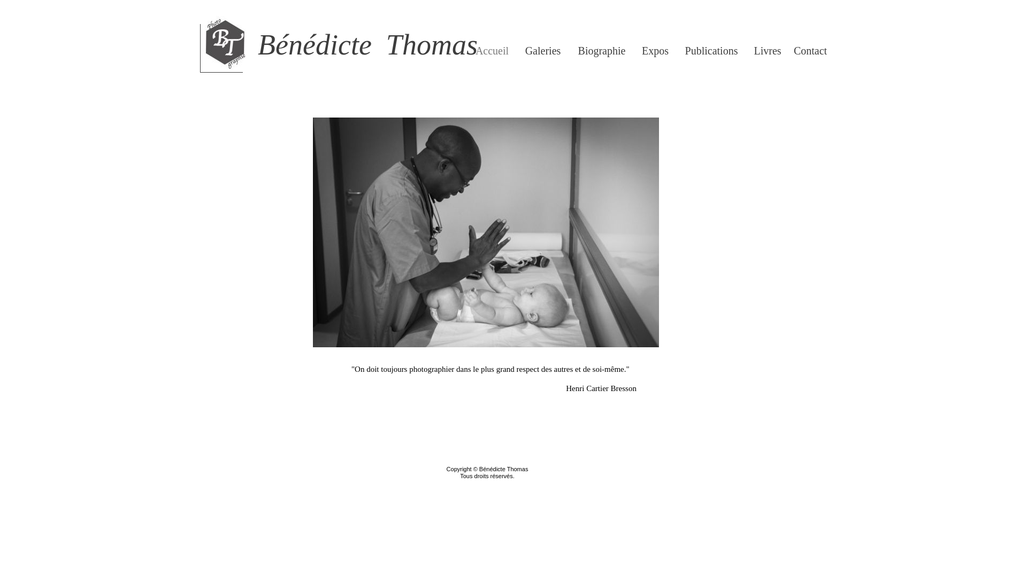 The image size is (1027, 577). Describe the element at coordinates (711, 51) in the screenshot. I see `'Publications'` at that location.